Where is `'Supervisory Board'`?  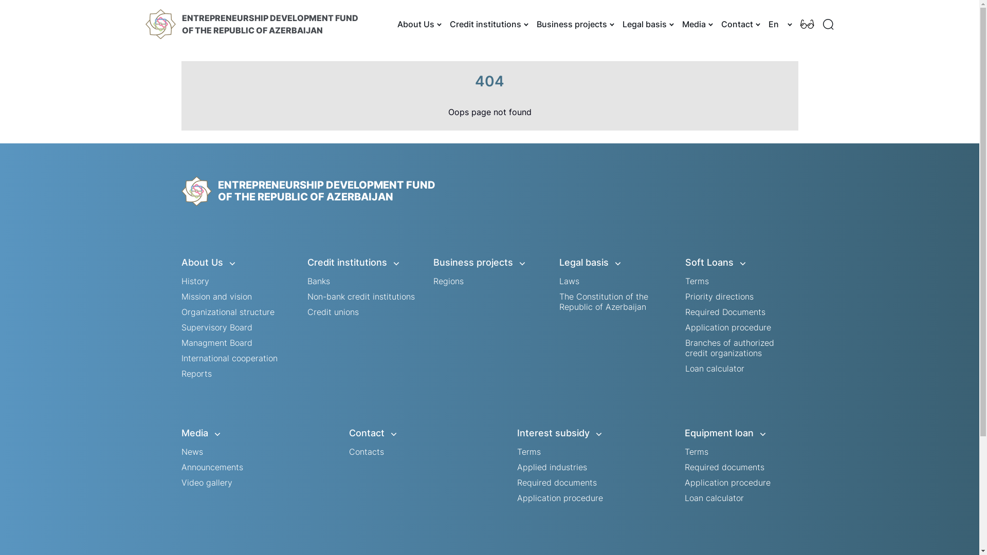
'Supervisory Board' is located at coordinates (216, 327).